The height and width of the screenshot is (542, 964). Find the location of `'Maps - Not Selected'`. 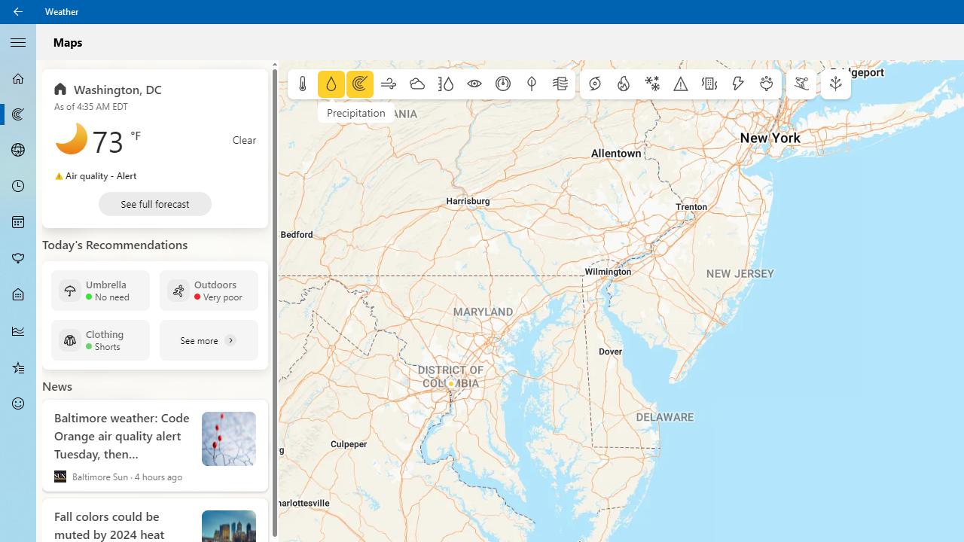

'Maps - Not Selected' is located at coordinates (18, 113).